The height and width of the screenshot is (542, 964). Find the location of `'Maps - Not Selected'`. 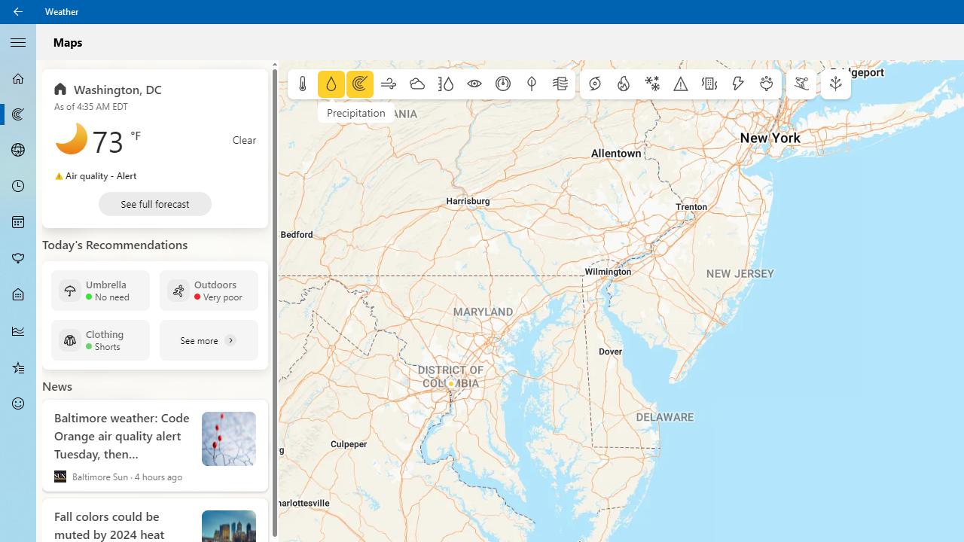

'Maps - Not Selected' is located at coordinates (18, 113).